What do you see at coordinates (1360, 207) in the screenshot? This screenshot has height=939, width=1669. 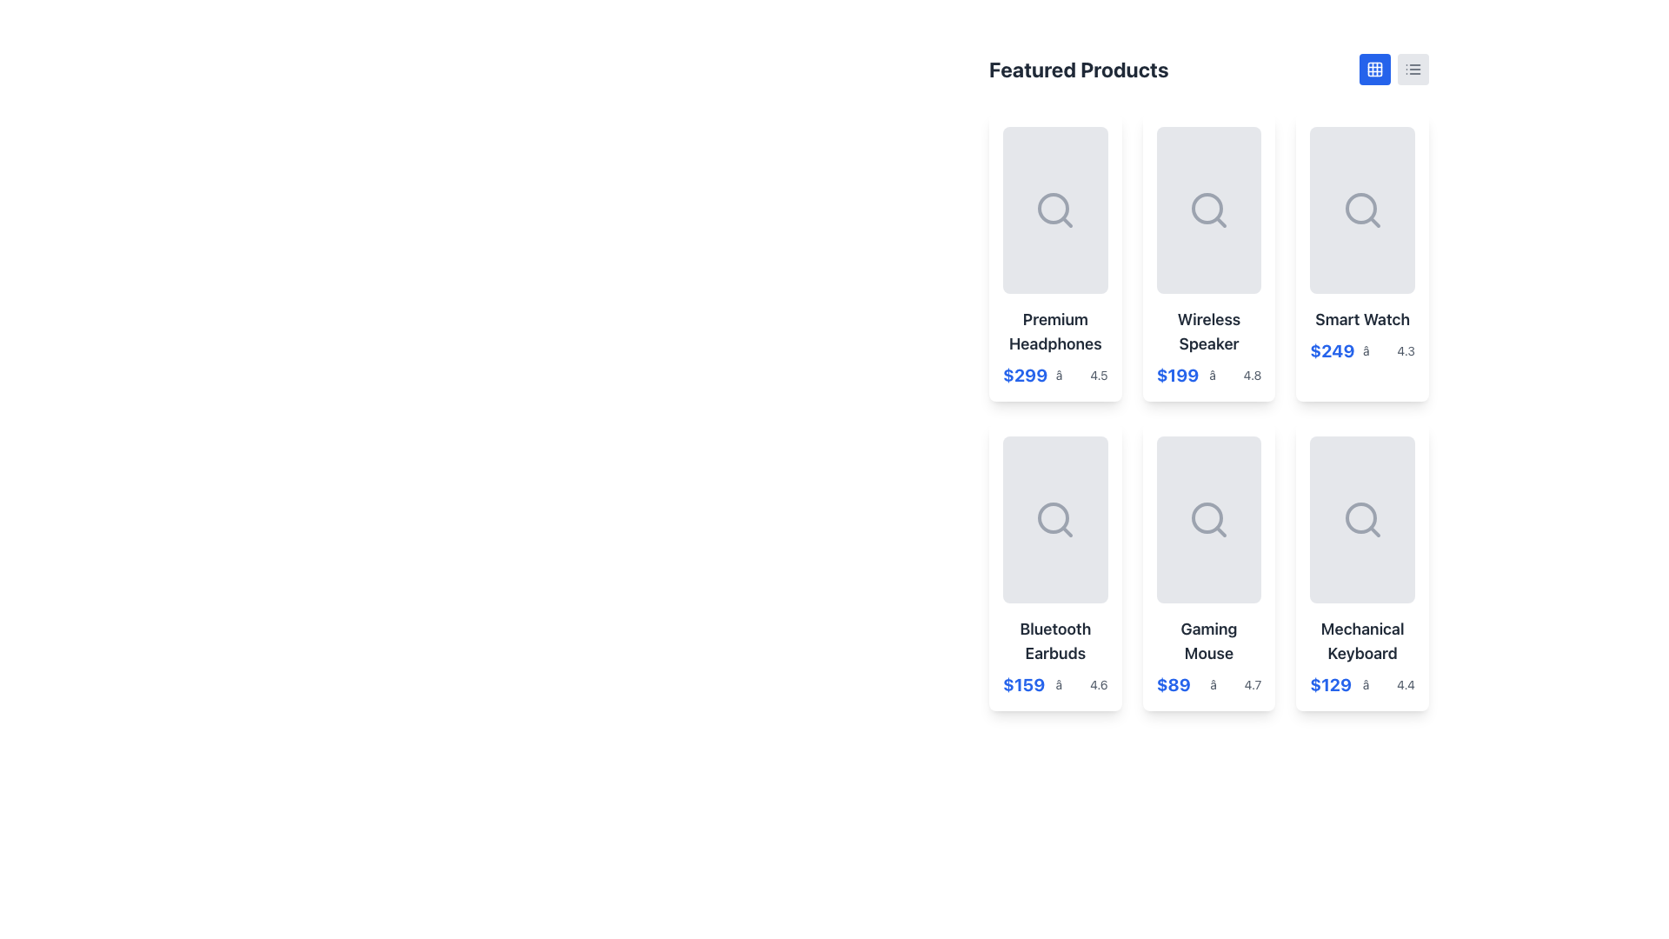 I see `the light gray circular icon resembling a magnifying glass located in the third card titled 'Smart Watch' in the product grid` at bounding box center [1360, 207].